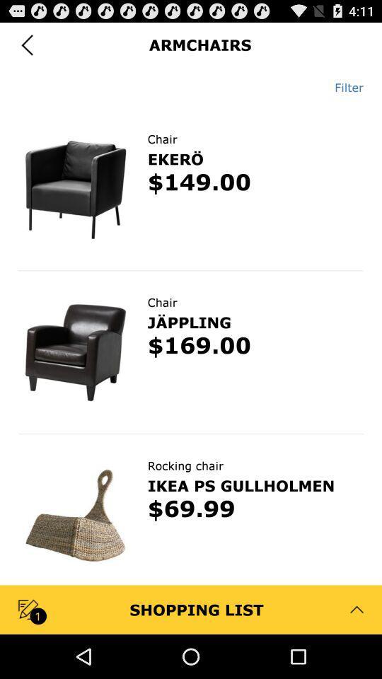 This screenshot has height=679, width=382. Describe the element at coordinates (343, 86) in the screenshot. I see `the item at the top right corner` at that location.